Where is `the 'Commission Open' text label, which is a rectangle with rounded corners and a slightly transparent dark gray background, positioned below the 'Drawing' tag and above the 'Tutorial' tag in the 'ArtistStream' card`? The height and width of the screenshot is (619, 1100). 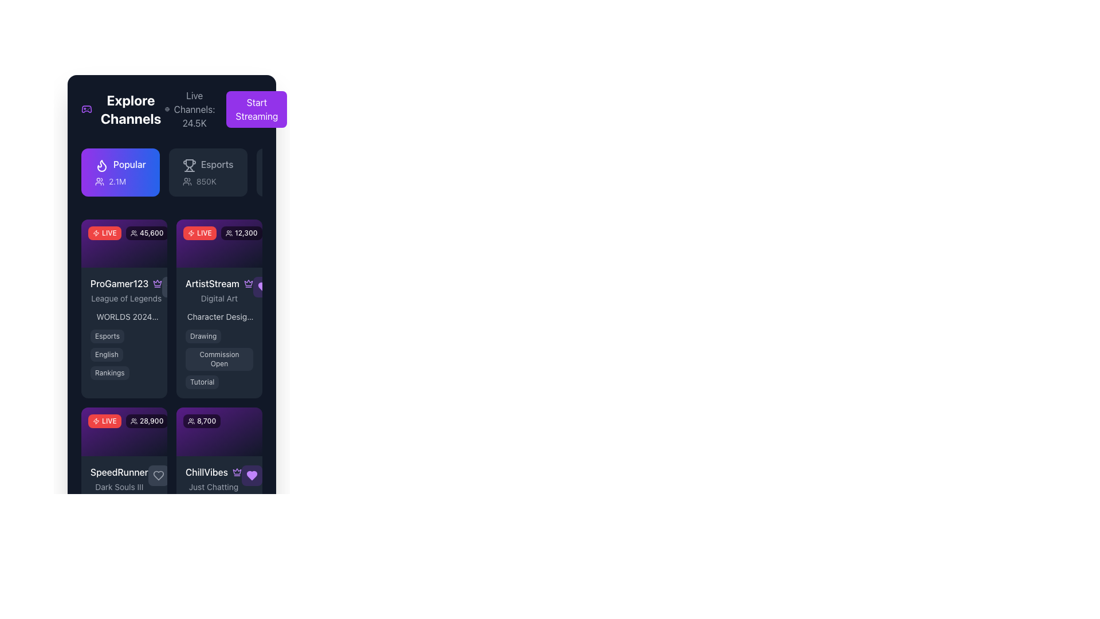 the 'Commission Open' text label, which is a rectangle with rounded corners and a slightly transparent dark gray background, positioned below the 'Drawing' tag and above the 'Tutorial' tag in the 'ArtistStream' card is located at coordinates (219, 359).